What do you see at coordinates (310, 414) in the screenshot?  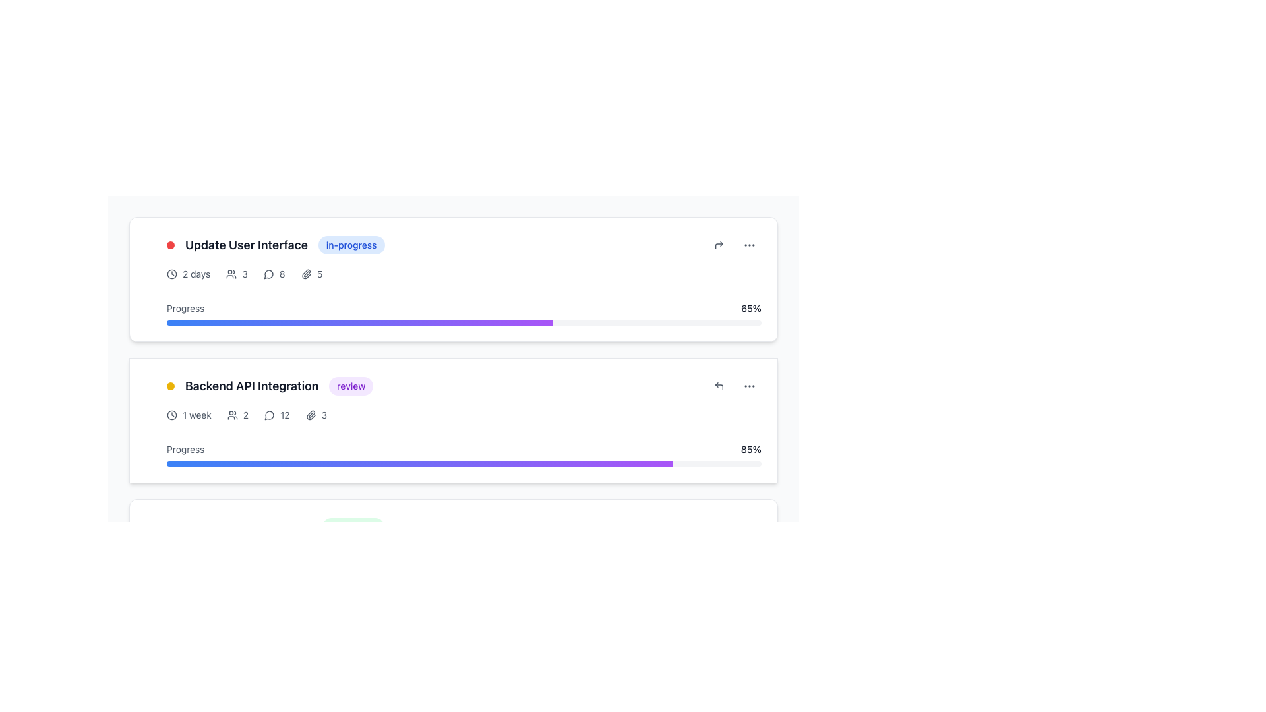 I see `the visual appearance of the paperclip icon representing file attachments for the 'Backend API Integration' task, located near the bottom right of its section` at bounding box center [310, 414].